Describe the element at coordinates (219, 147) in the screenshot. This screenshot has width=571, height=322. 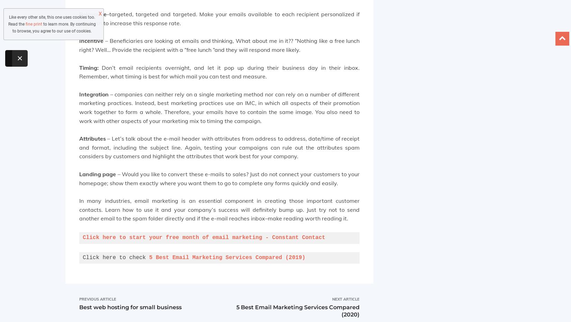
I see `'– Let’s talk about the e-mail header with attributes from address to address, date/time of receipt and format, including the subject line. Again, testing your campaigns can rule out the attributes spam considers by customers and highlight the attributes that work best for your company.'` at that location.